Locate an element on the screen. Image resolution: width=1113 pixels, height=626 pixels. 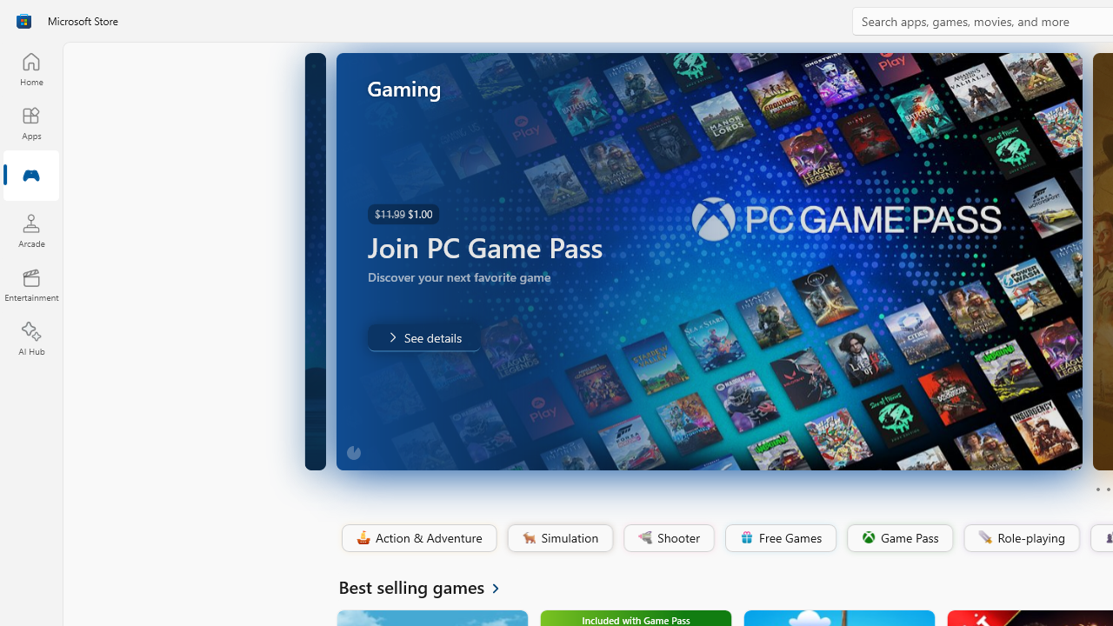
'Shooter' is located at coordinates (667, 537).